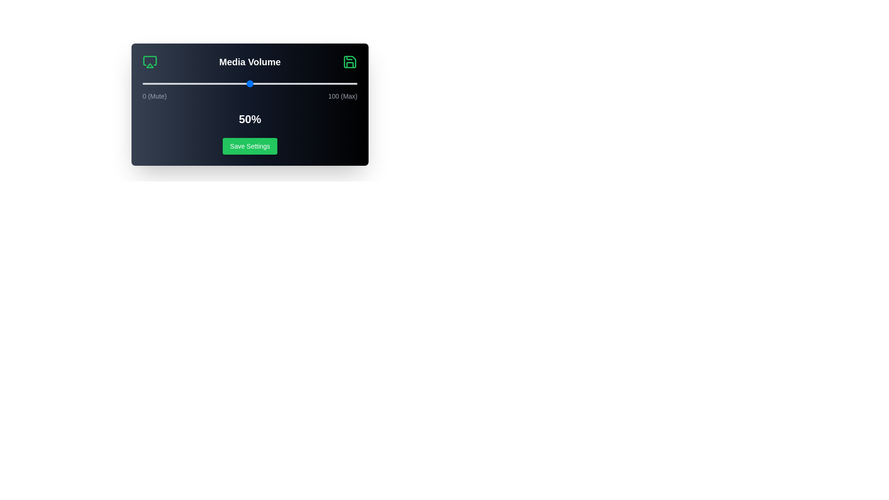  What do you see at coordinates (346, 84) in the screenshot?
I see `the volume slider to 95%` at bounding box center [346, 84].